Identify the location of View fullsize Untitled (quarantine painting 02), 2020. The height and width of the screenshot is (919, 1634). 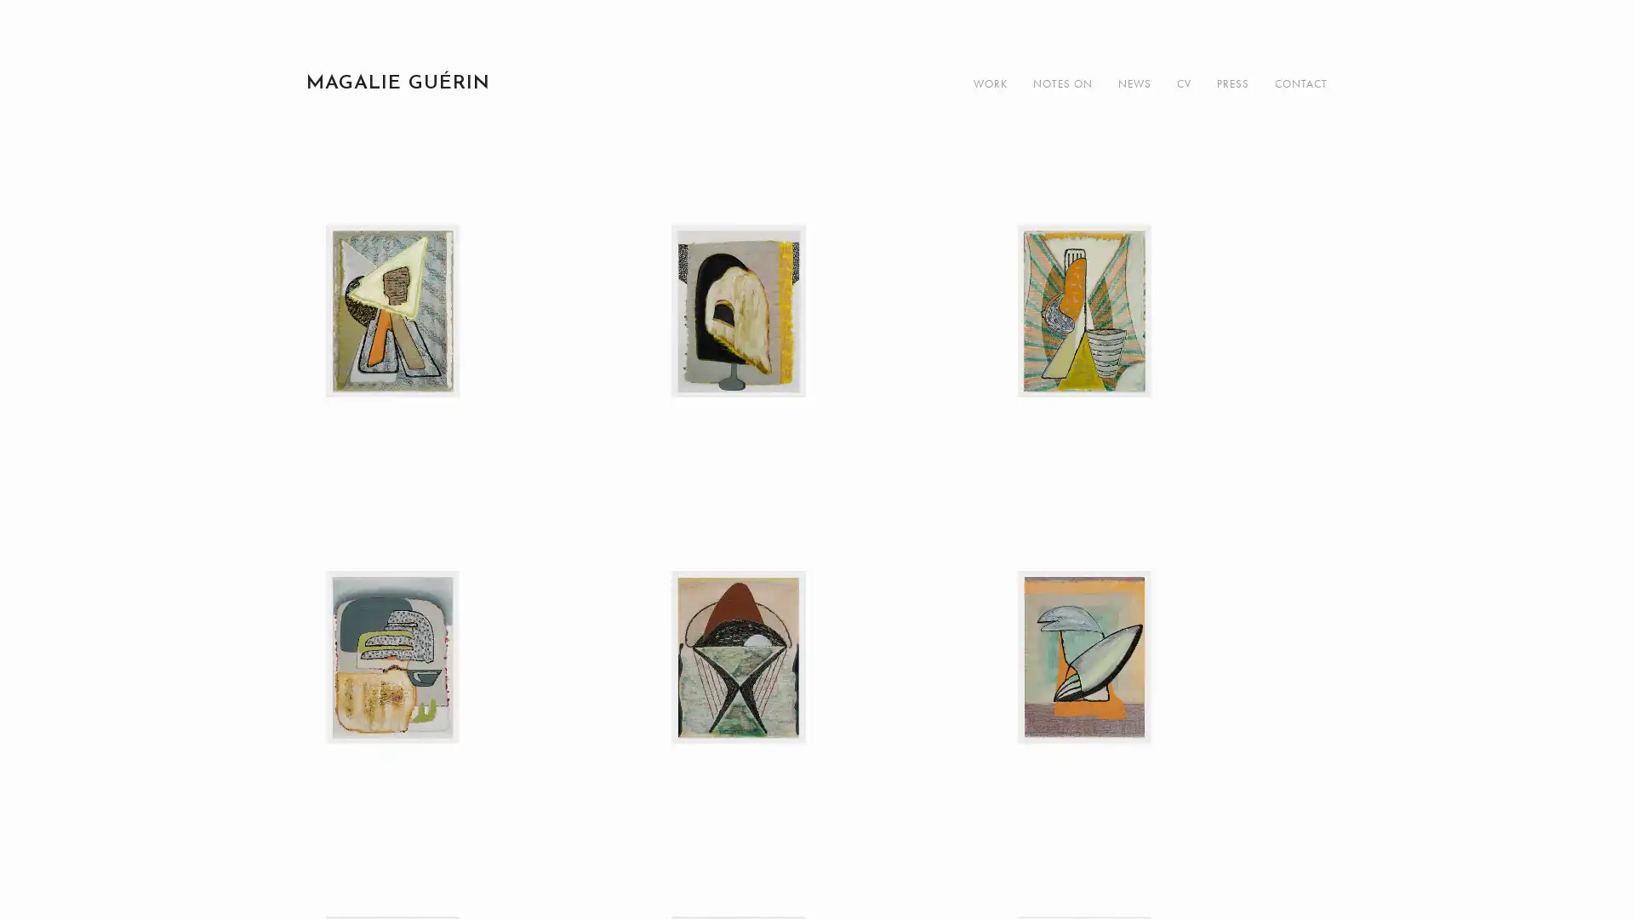
(815, 388).